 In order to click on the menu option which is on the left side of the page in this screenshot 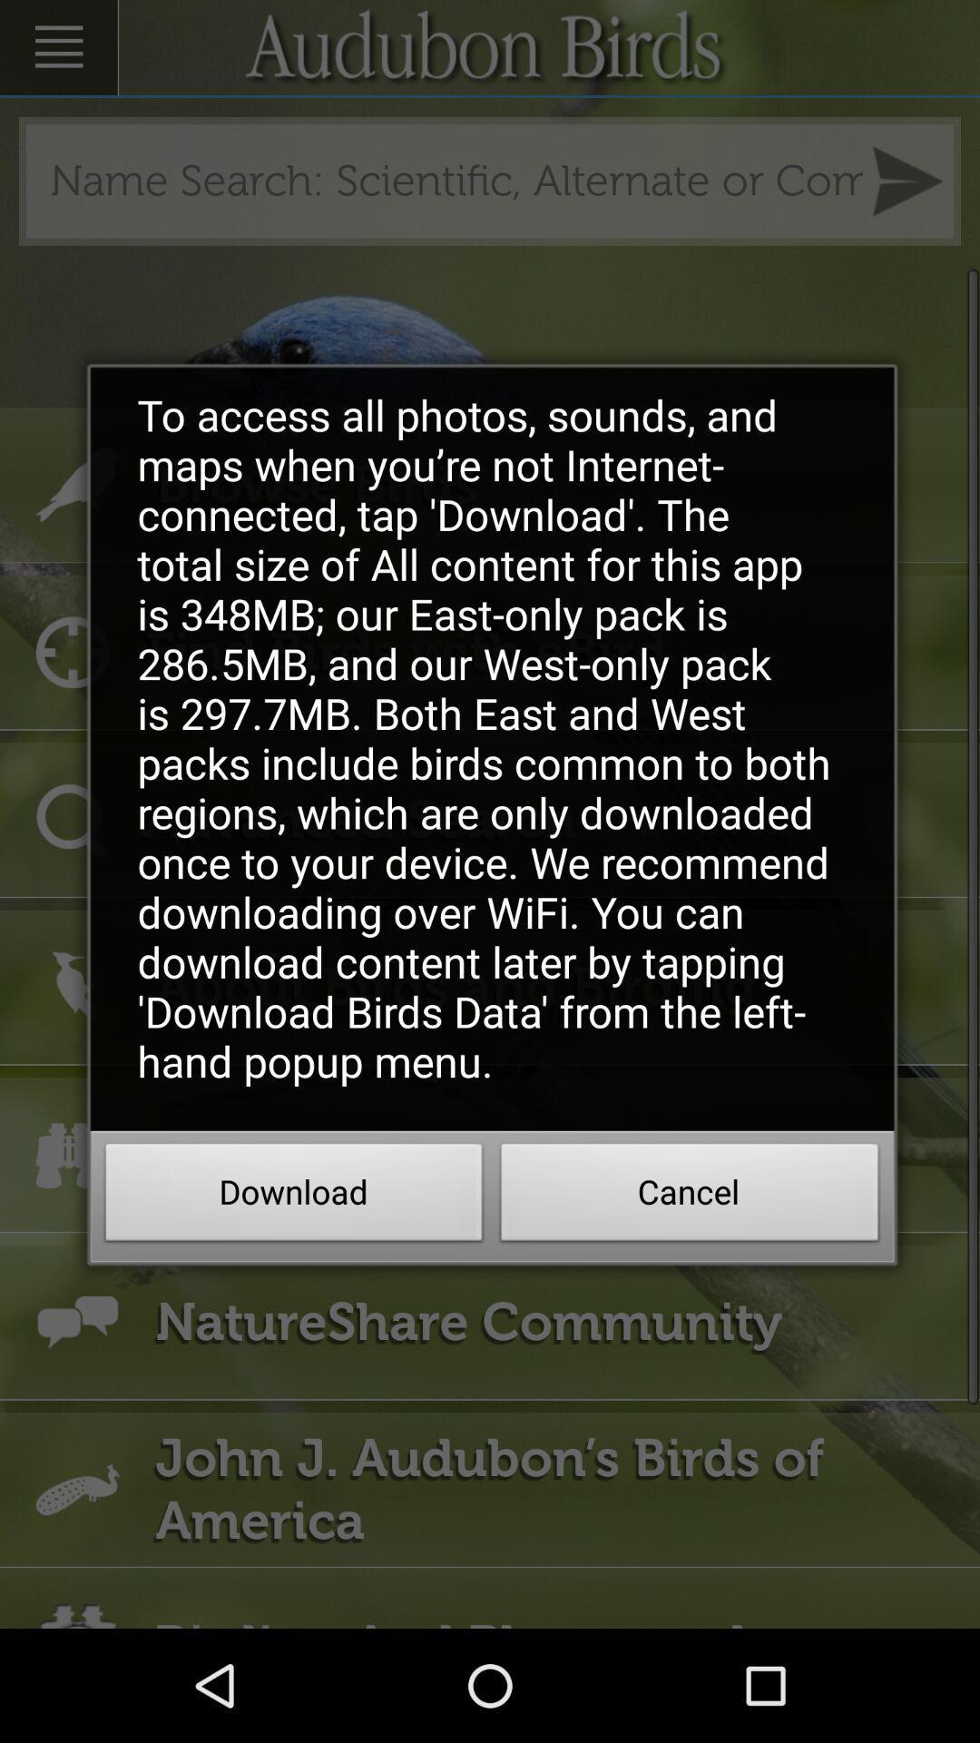, I will do `click(58, 47)`.